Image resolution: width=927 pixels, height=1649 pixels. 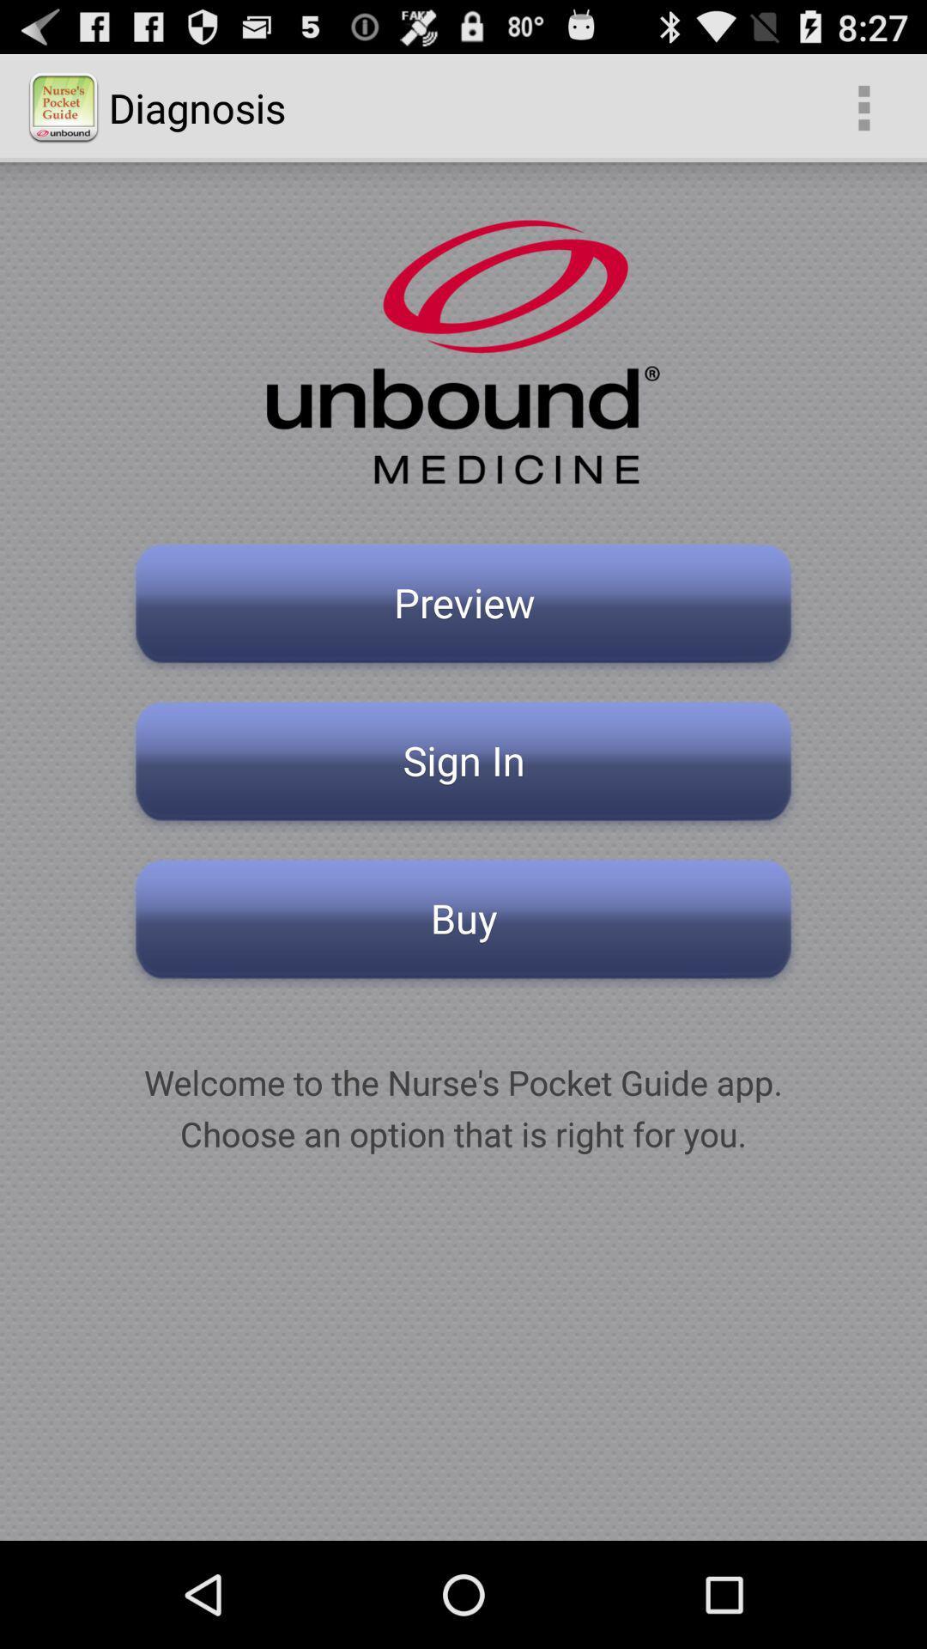 What do you see at coordinates (463, 765) in the screenshot?
I see `item below preview button` at bounding box center [463, 765].